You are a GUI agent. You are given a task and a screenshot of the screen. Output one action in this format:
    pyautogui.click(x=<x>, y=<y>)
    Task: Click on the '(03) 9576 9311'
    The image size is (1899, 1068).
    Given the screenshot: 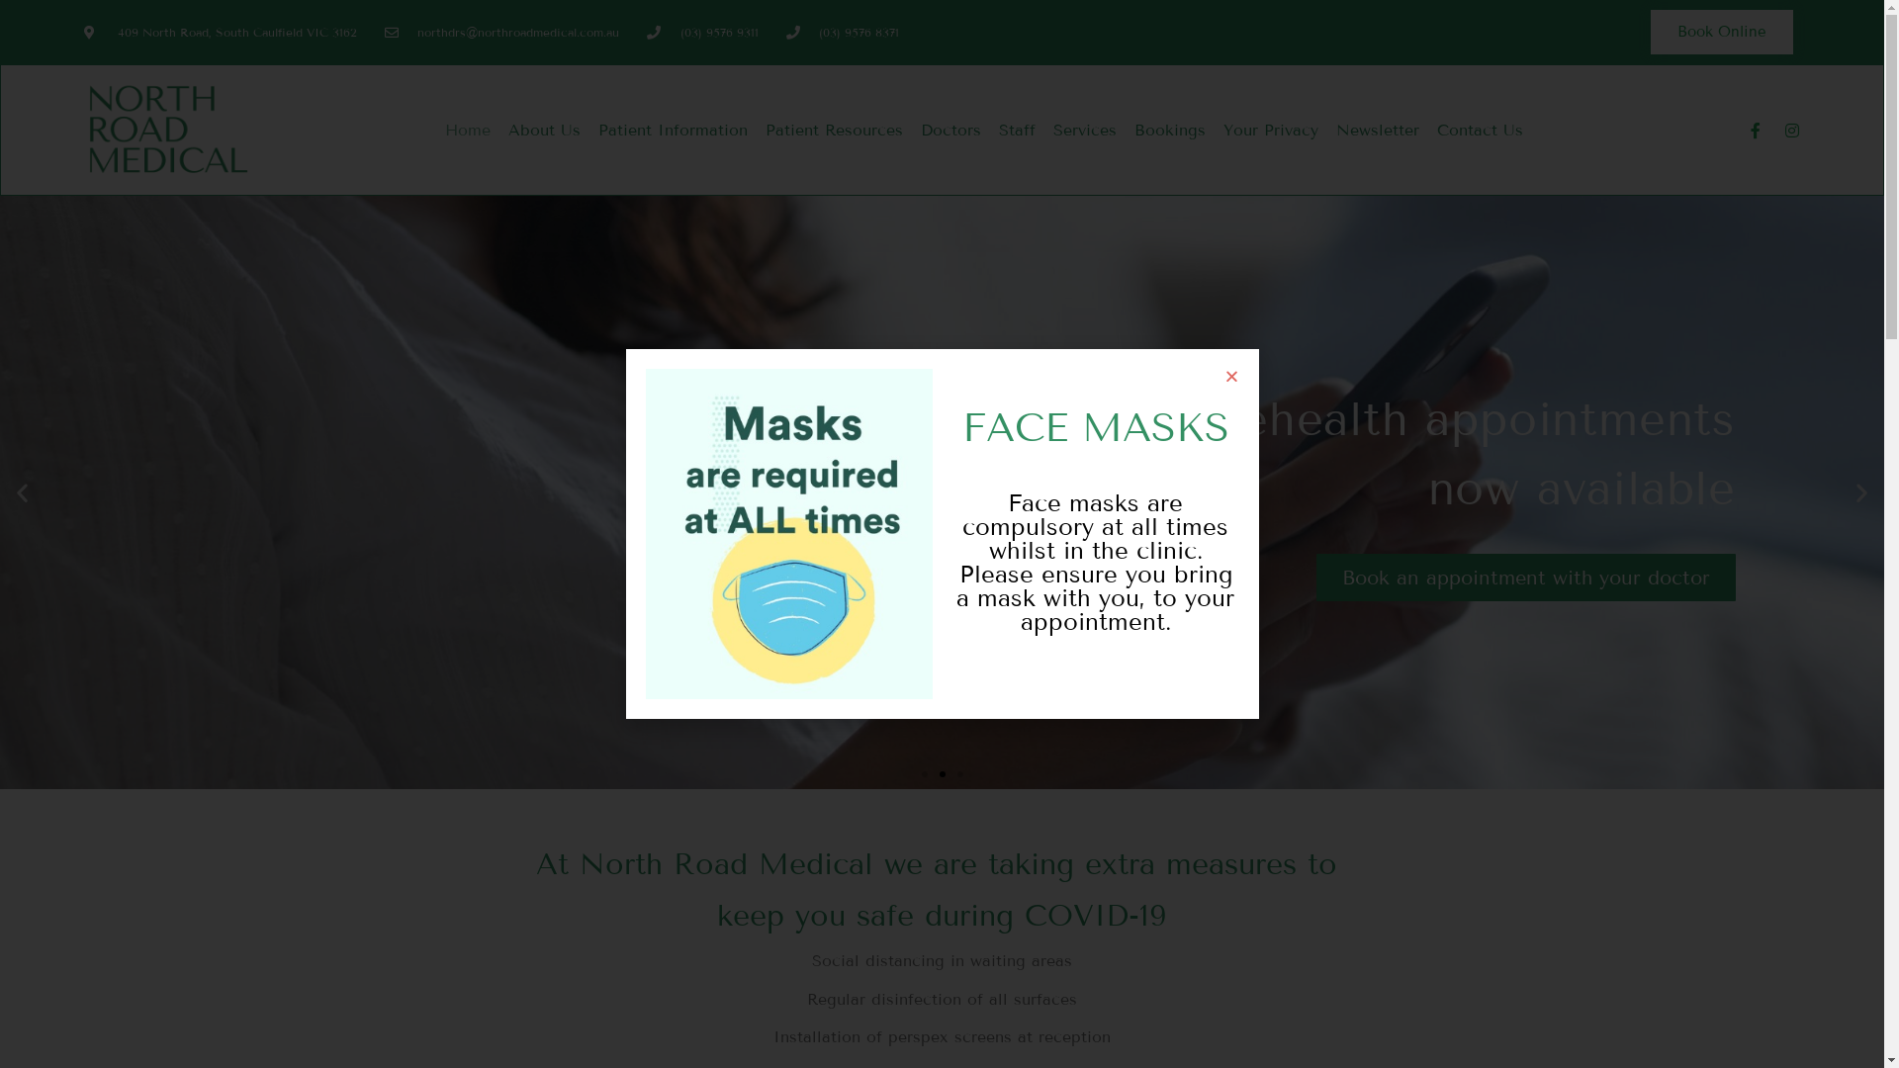 What is the action you would take?
    pyautogui.click(x=702, y=33)
    